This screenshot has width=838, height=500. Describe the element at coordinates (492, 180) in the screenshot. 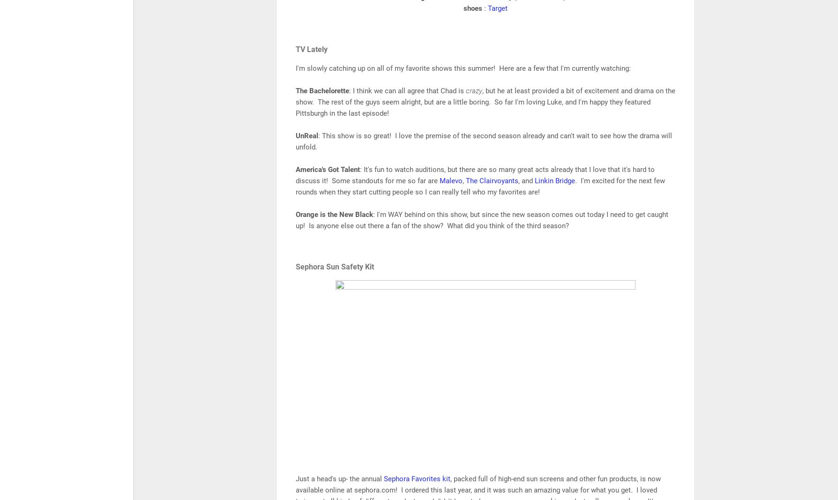

I see `'The Clairvoyants'` at that location.